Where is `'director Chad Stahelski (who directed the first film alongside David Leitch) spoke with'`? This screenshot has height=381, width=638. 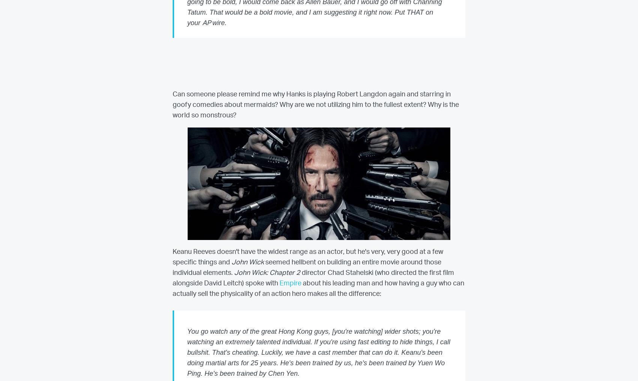
'director Chad Stahelski (who directed the first film alongside David Leitch) spoke with' is located at coordinates (313, 278).